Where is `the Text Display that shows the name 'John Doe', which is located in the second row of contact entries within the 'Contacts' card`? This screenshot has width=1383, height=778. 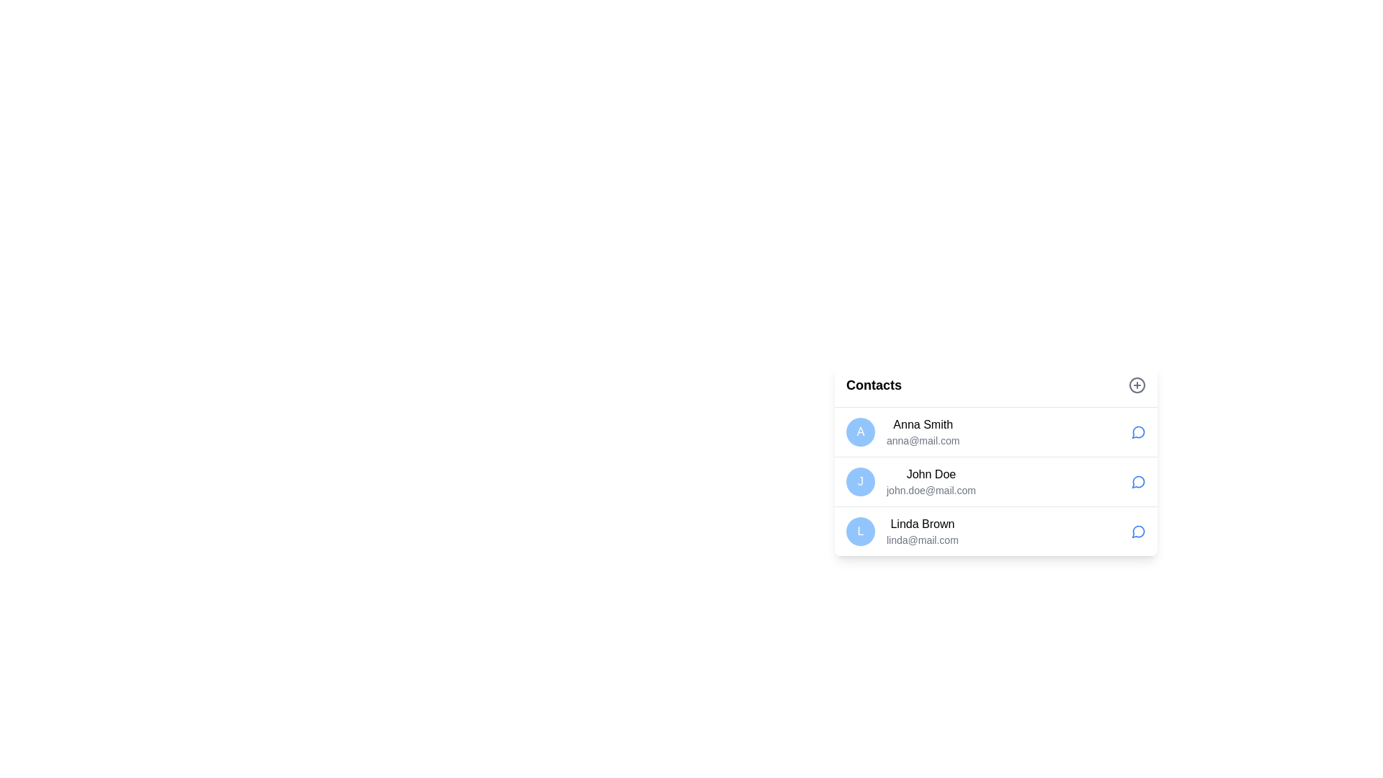 the Text Display that shows the name 'John Doe', which is located in the second row of contact entries within the 'Contacts' card is located at coordinates (931, 475).